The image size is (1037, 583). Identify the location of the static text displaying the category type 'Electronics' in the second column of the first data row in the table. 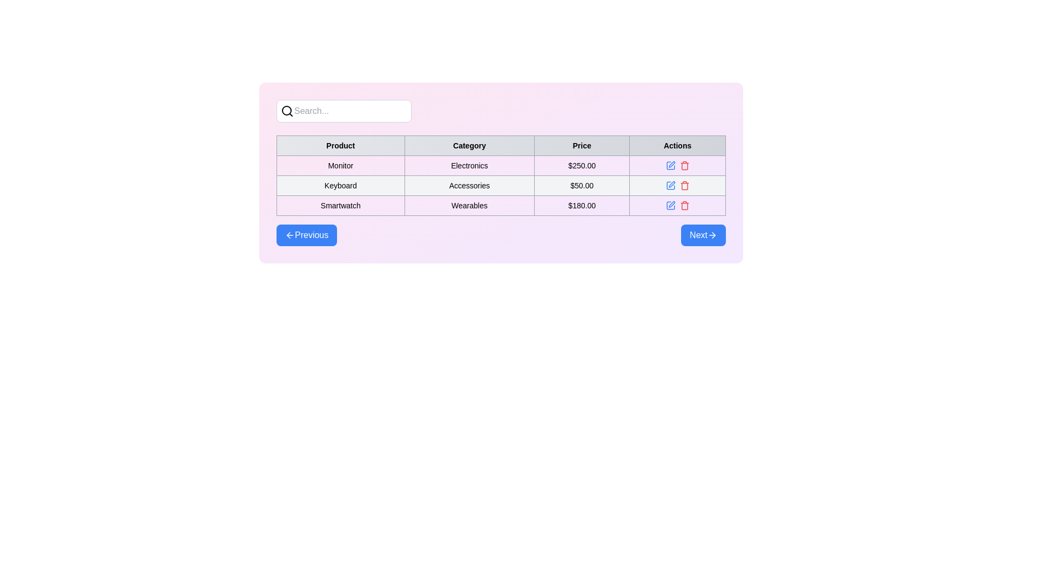
(500, 172).